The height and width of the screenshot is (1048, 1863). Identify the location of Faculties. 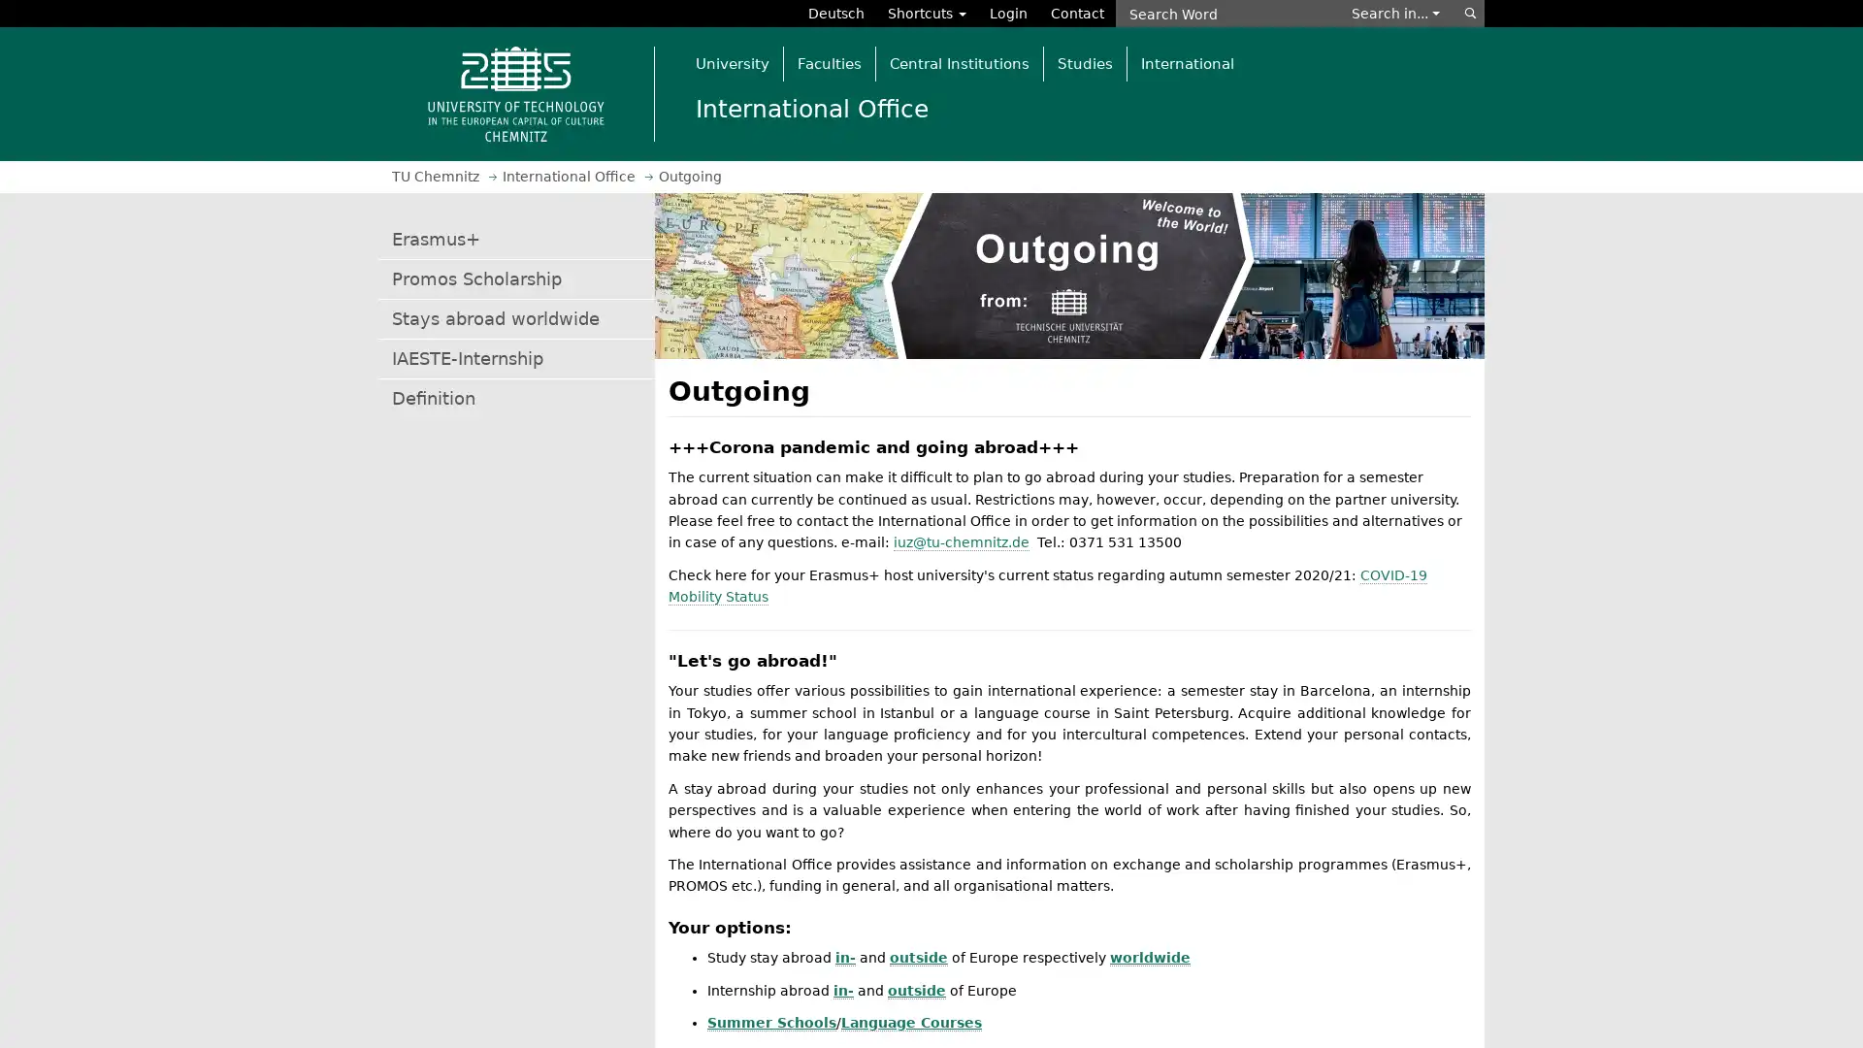
(829, 62).